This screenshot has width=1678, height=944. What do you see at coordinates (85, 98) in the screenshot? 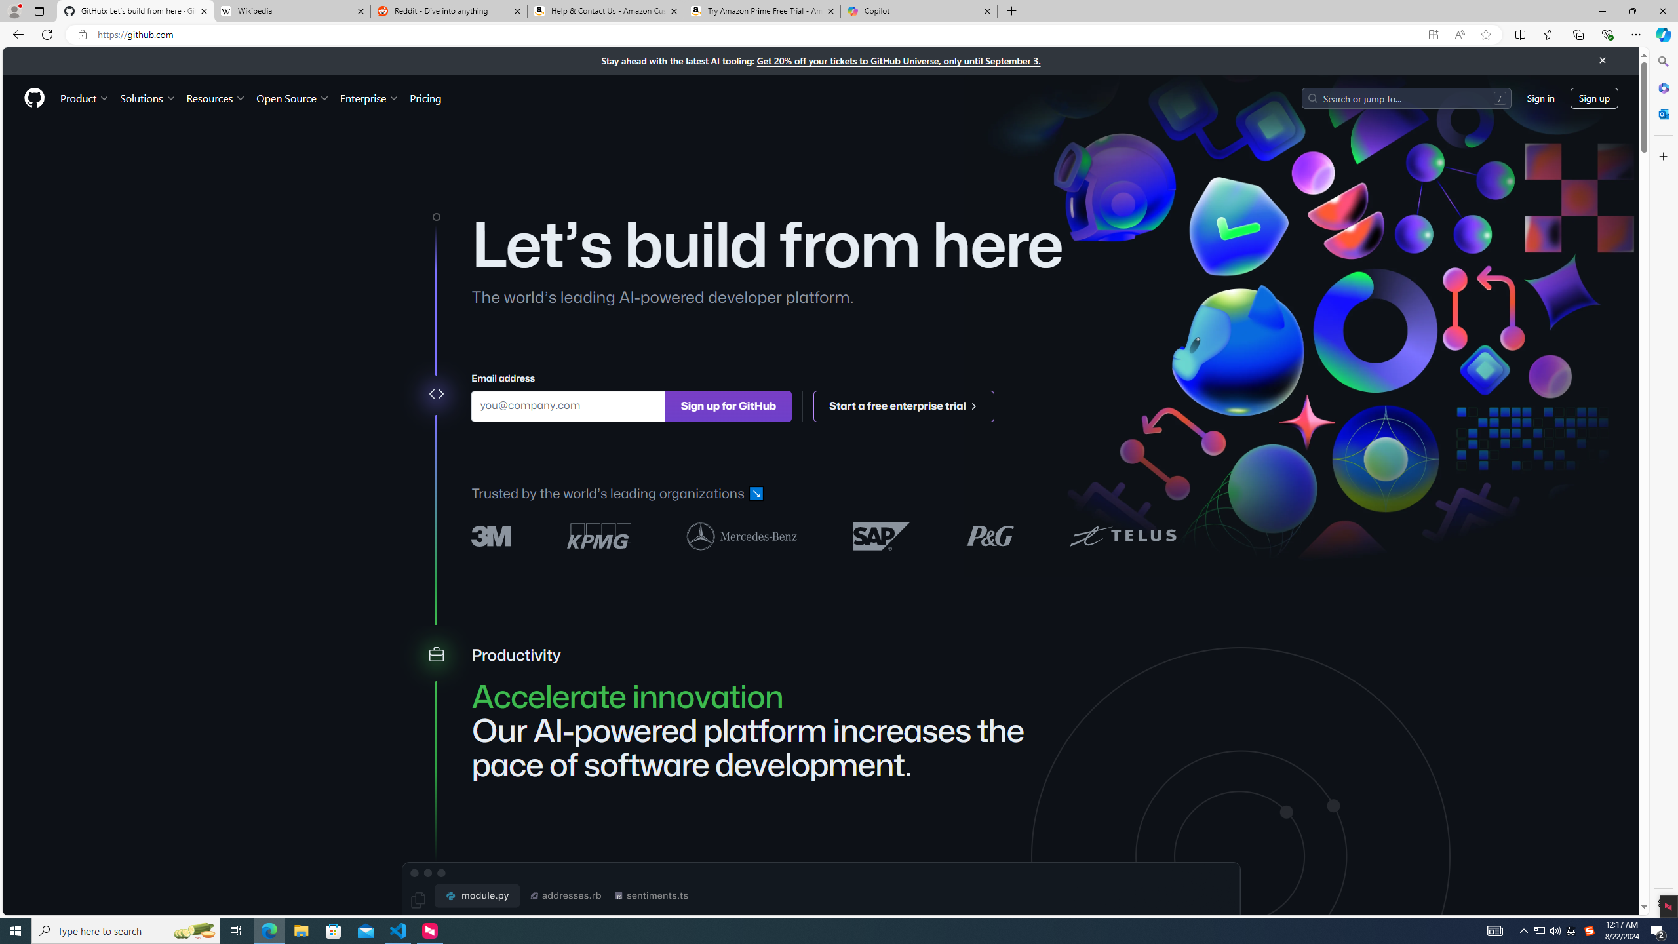
I see `'Product'` at bounding box center [85, 98].